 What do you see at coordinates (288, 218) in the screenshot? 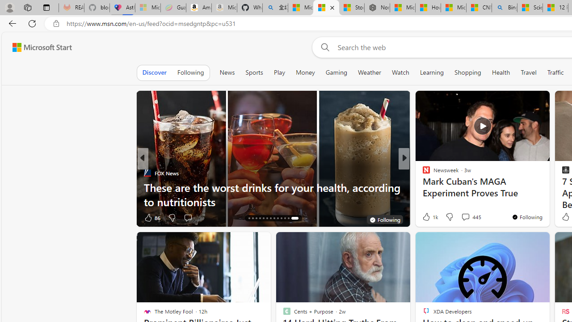
I see `'AutomationID: tab-25'` at bounding box center [288, 218].